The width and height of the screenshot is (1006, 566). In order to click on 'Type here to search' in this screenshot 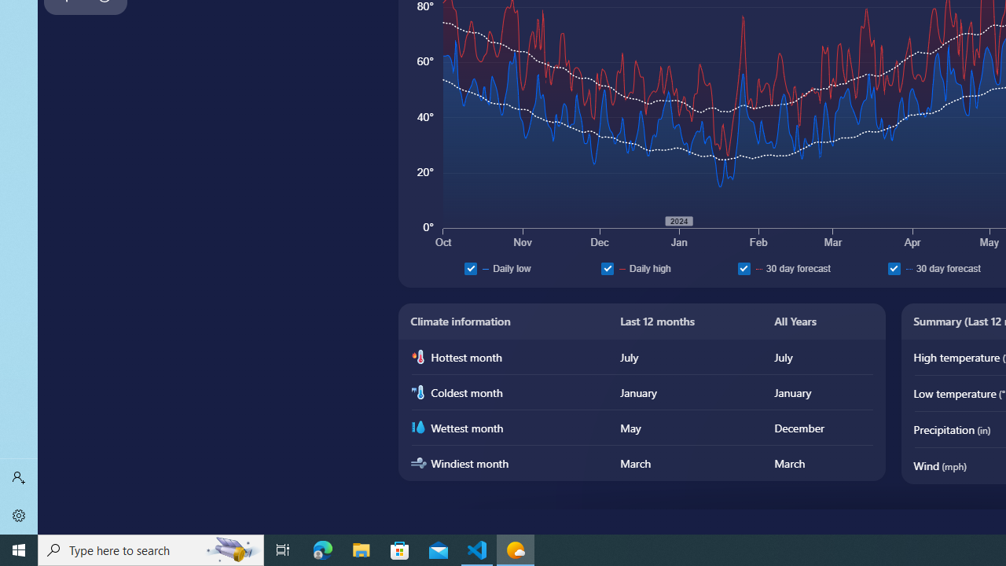, I will do `click(151, 549)`.